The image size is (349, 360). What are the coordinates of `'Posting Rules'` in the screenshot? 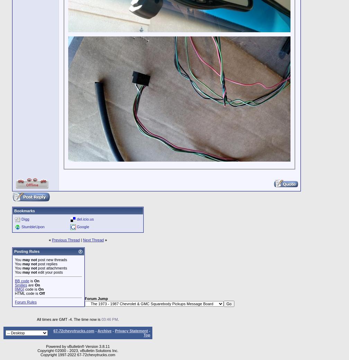 It's located at (27, 251).